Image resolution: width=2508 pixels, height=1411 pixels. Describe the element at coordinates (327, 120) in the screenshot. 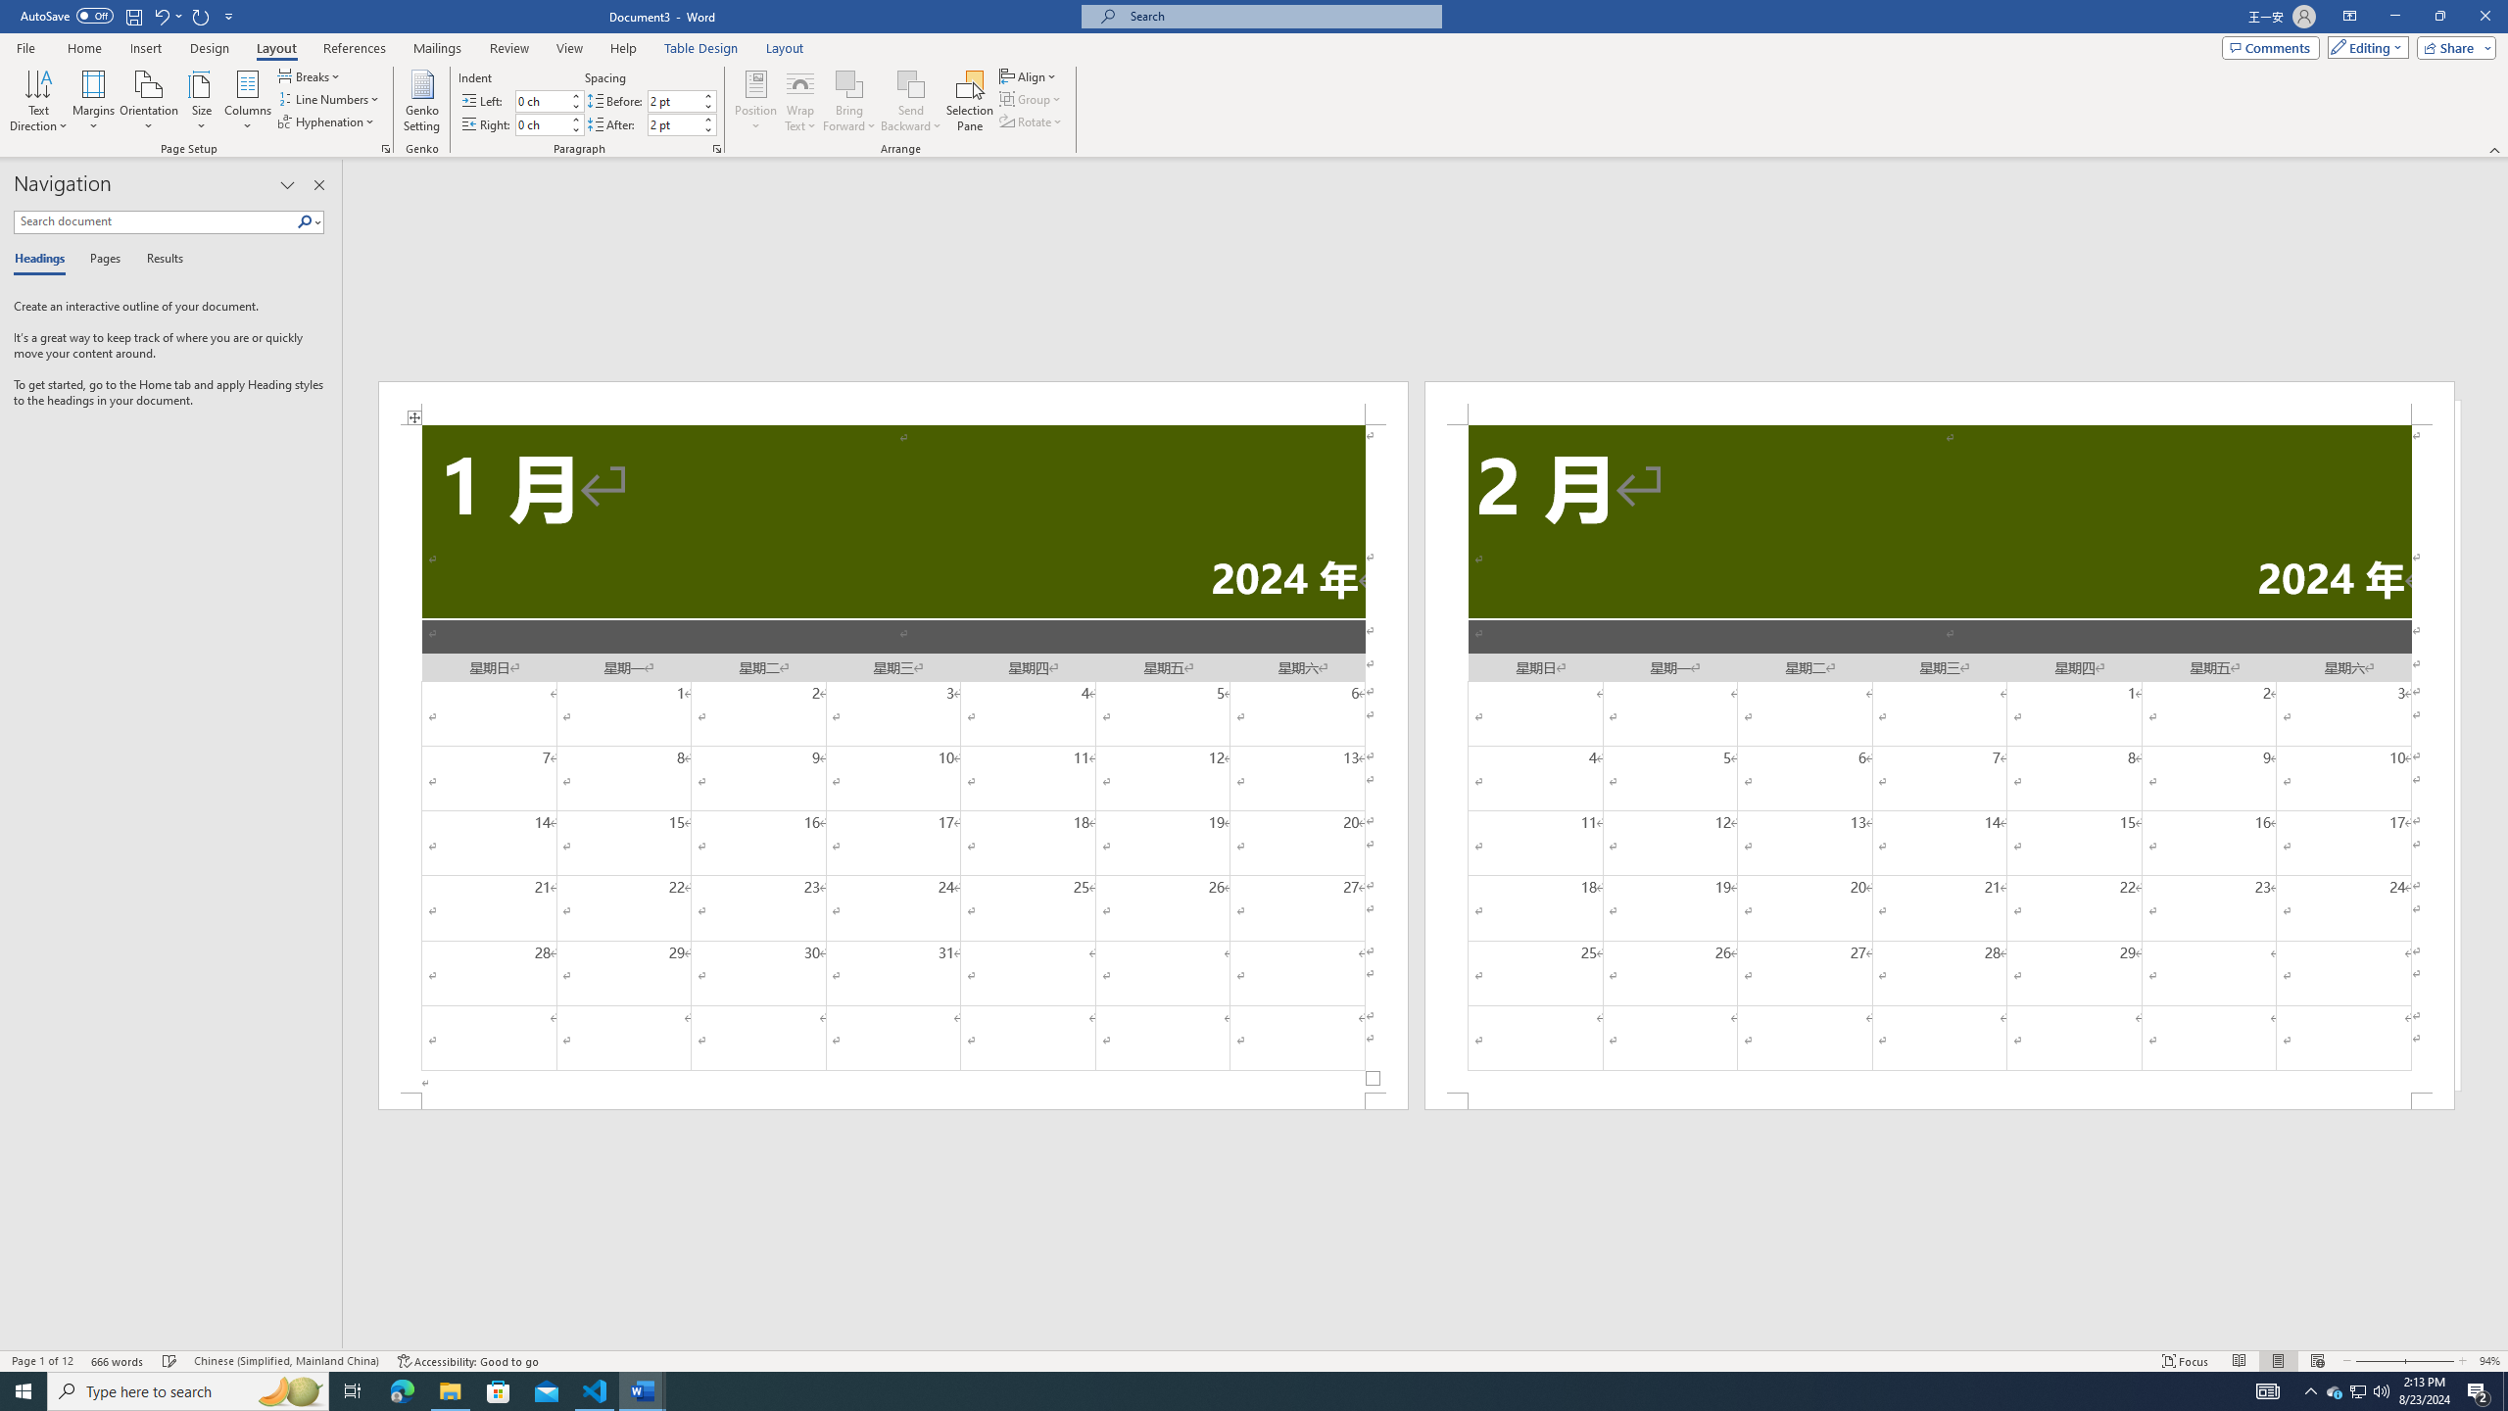

I see `'Hyphenation'` at that location.